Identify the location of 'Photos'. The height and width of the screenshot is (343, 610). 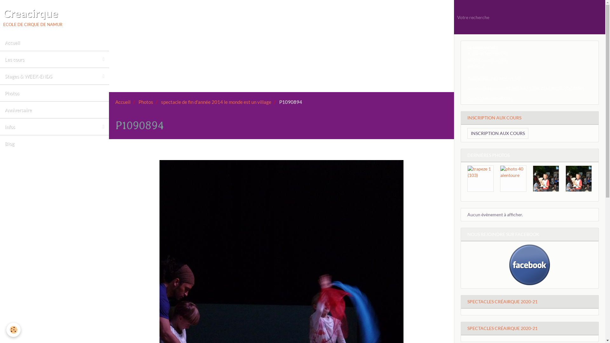
(146, 101).